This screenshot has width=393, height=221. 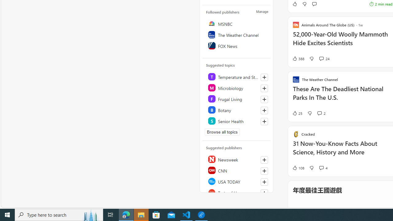 I want to click on 'Manage', so click(x=262, y=11).